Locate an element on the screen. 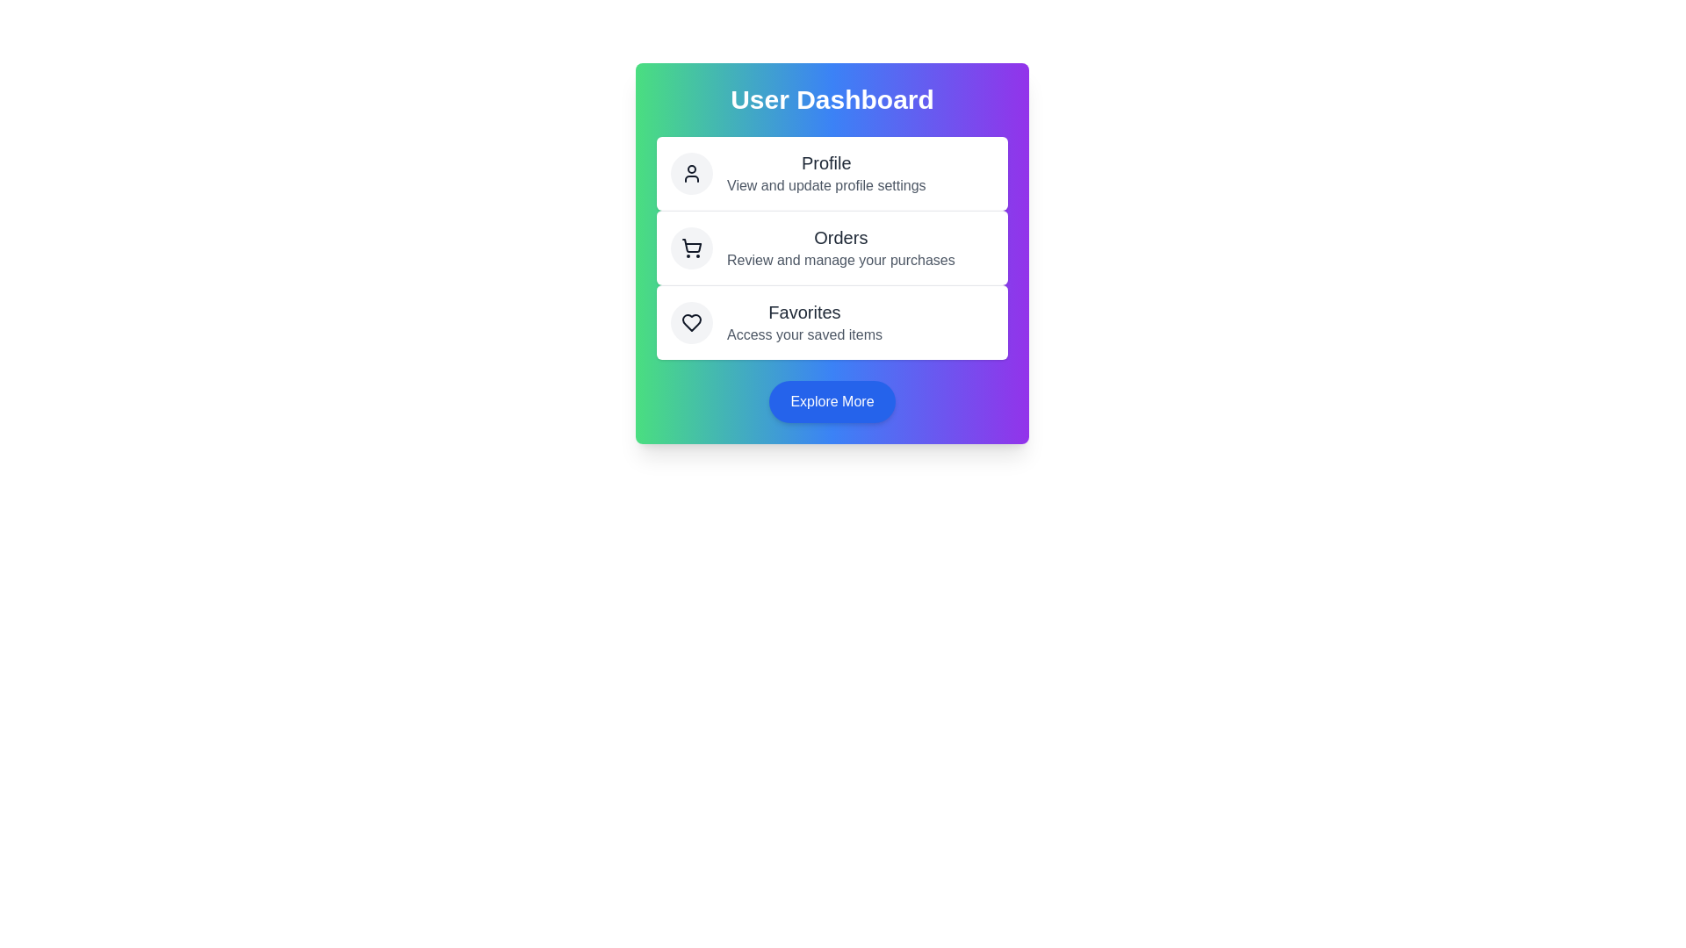  the 'Profile' action to view and update profile settings is located at coordinates (832, 173).